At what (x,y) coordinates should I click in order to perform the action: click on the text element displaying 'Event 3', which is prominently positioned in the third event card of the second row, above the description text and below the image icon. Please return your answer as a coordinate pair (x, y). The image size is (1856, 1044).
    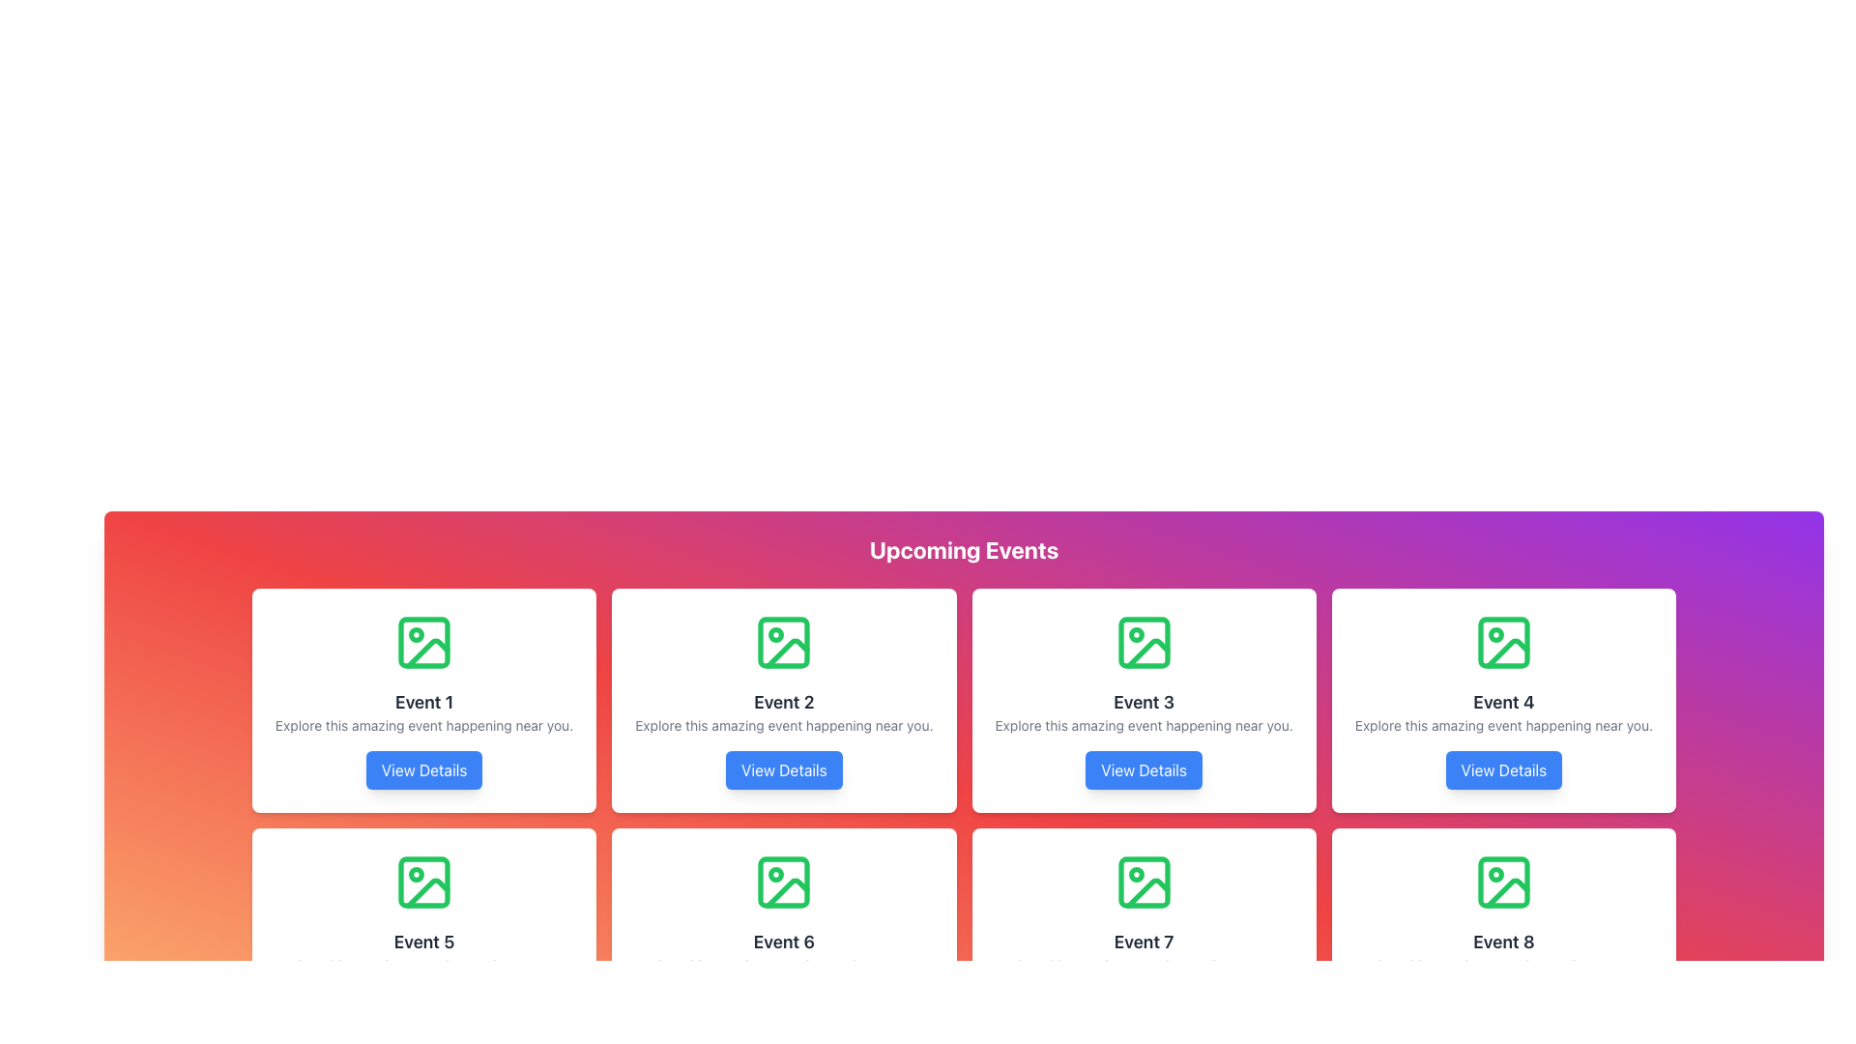
    Looking at the image, I should click on (1144, 702).